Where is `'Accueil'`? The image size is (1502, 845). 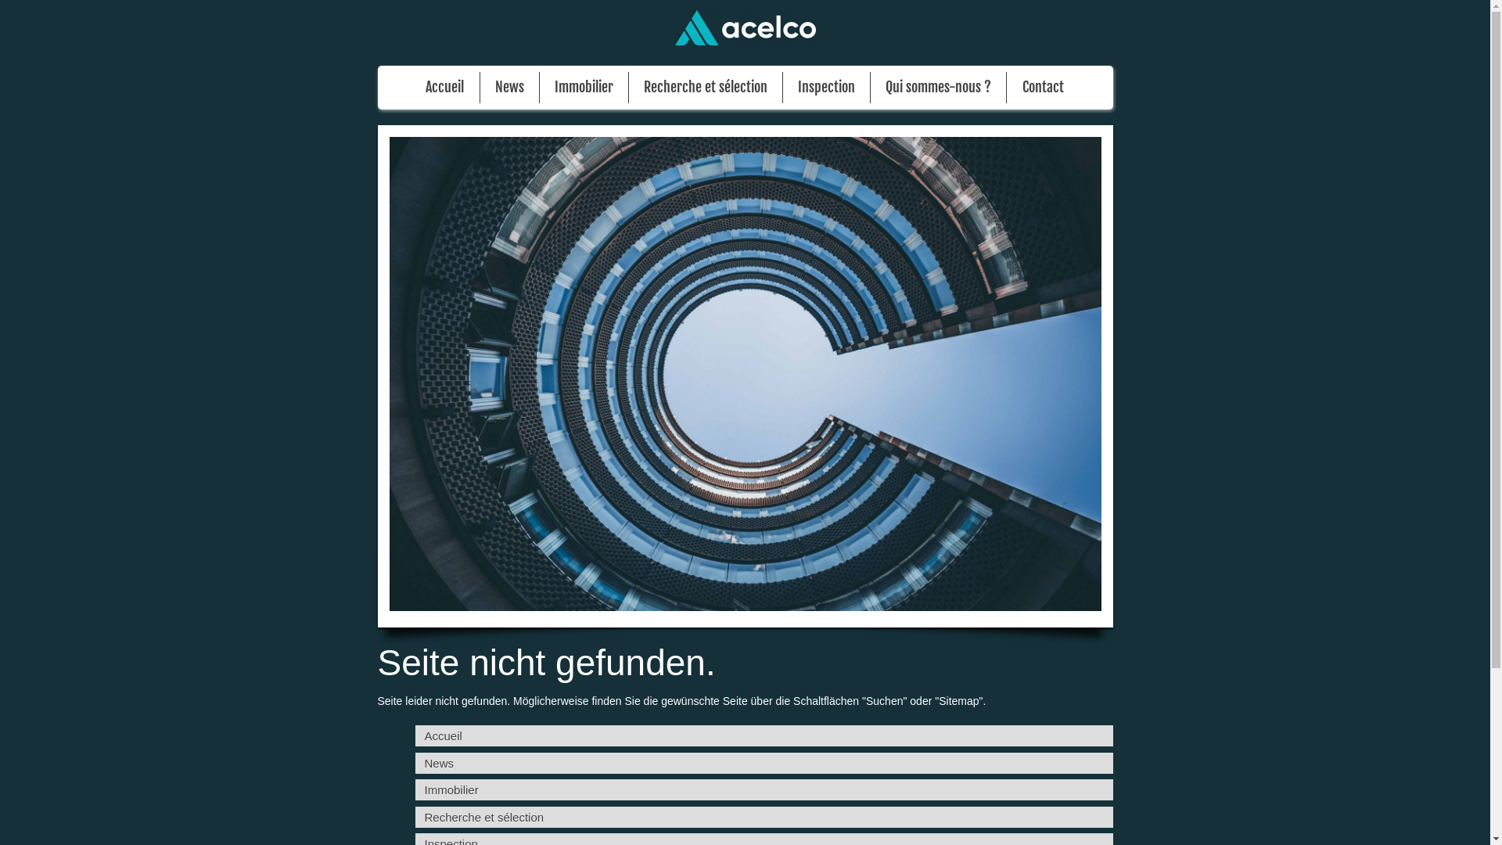
'Accueil' is located at coordinates (444, 87).